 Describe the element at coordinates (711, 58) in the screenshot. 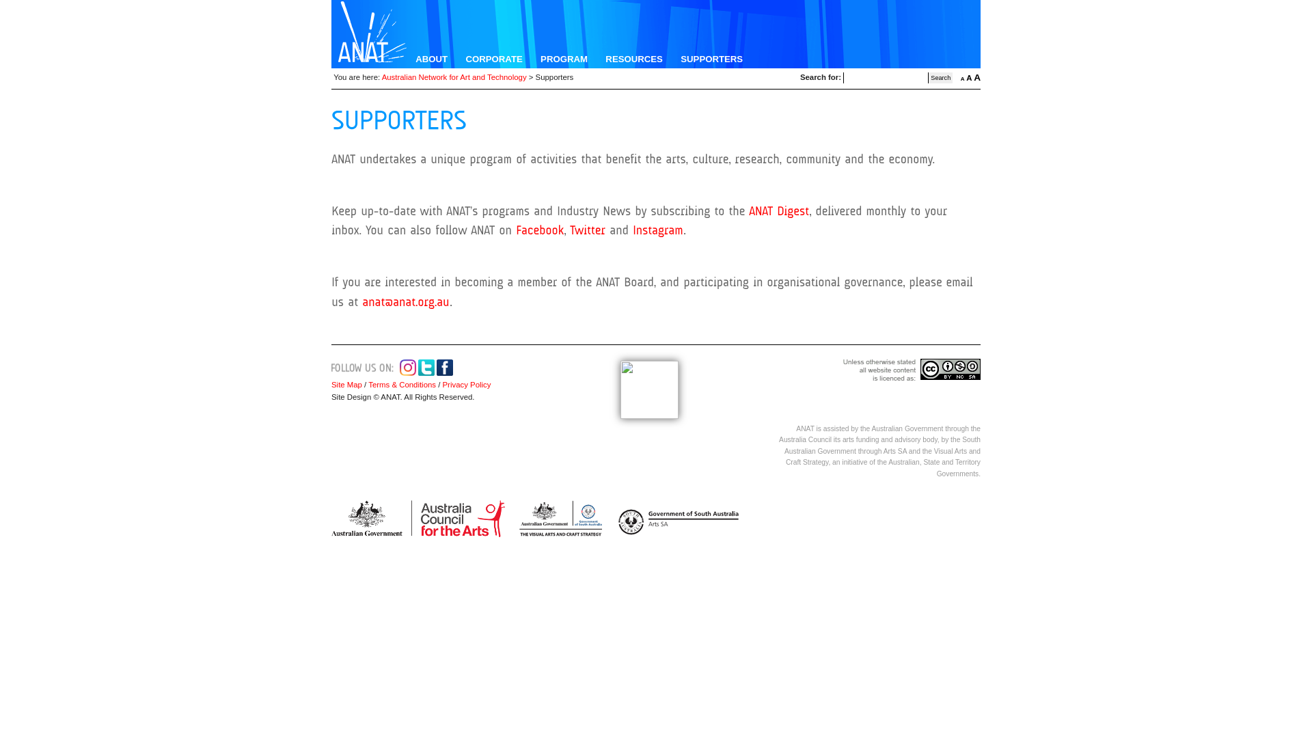

I see `'SUPPORTERS'` at that location.